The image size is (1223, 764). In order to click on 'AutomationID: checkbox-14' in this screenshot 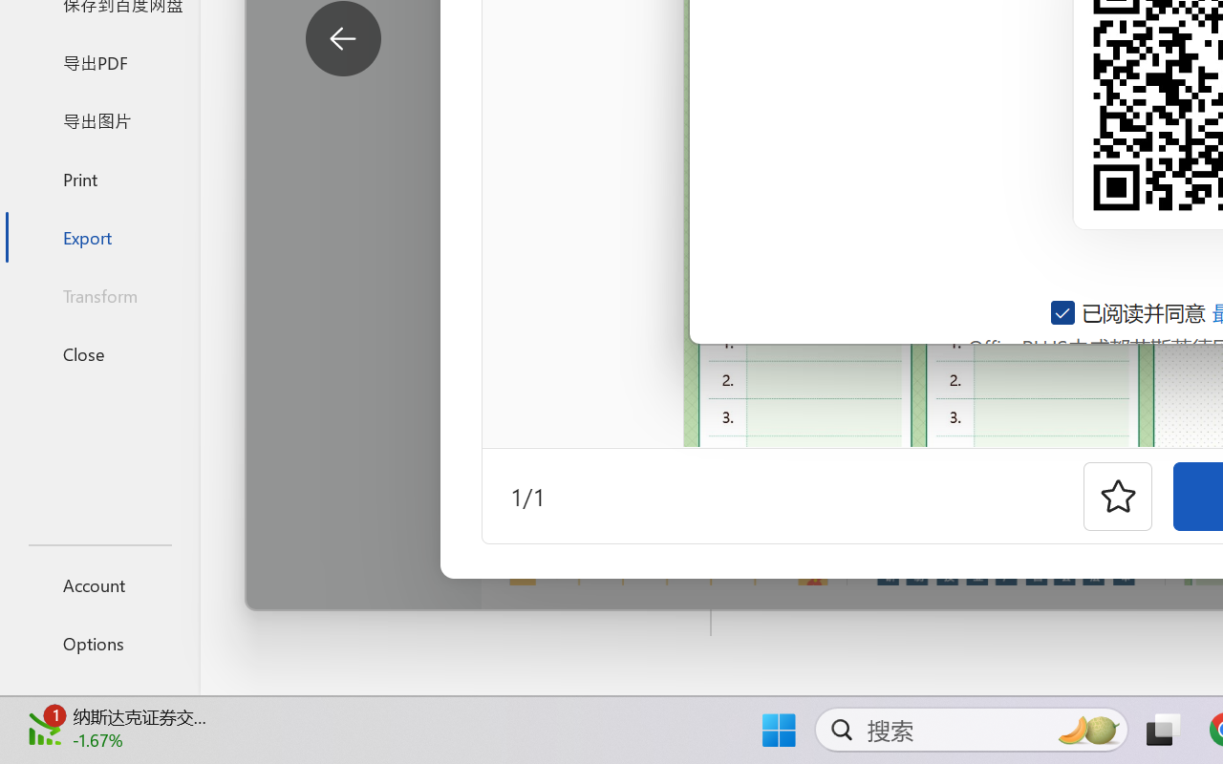, I will do `click(1063, 311)`.